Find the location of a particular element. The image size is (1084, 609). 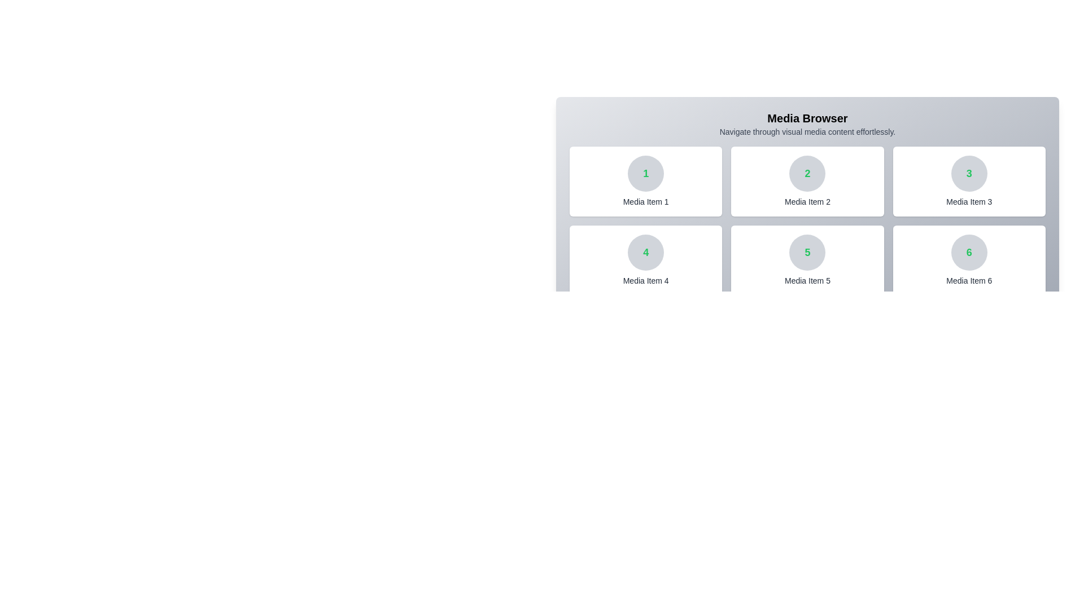

the static text label located within the first card on the top-left of the grid layout, positioned directly below the circular label with the number '1' is located at coordinates (646, 201).